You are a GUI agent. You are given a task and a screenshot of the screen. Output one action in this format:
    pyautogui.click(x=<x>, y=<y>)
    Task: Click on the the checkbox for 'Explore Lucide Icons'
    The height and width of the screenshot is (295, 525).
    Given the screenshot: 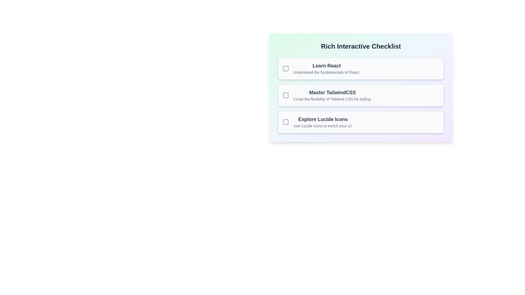 What is the action you would take?
    pyautogui.click(x=285, y=122)
    